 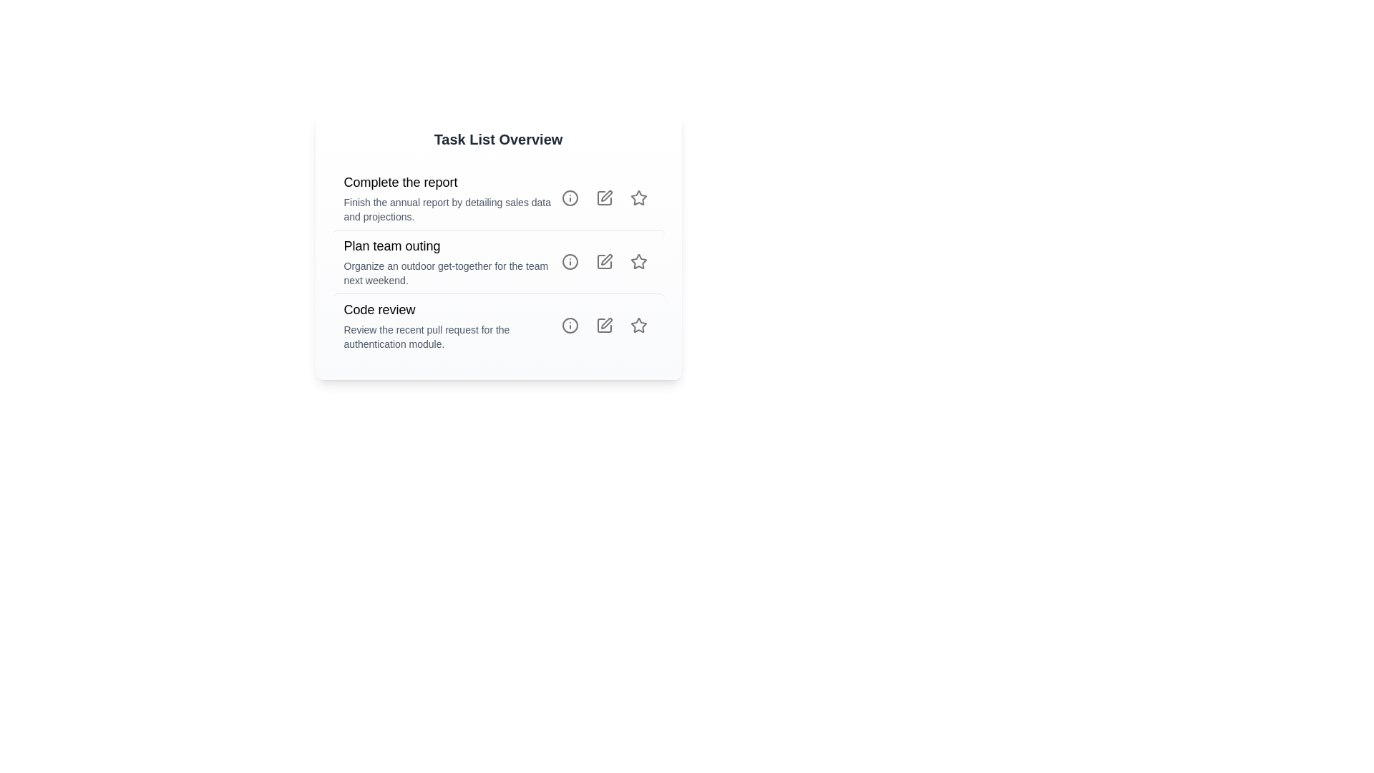 I want to click on the circular information icon located in the second row of the task list titled 'Plan team outing', so click(x=569, y=262).